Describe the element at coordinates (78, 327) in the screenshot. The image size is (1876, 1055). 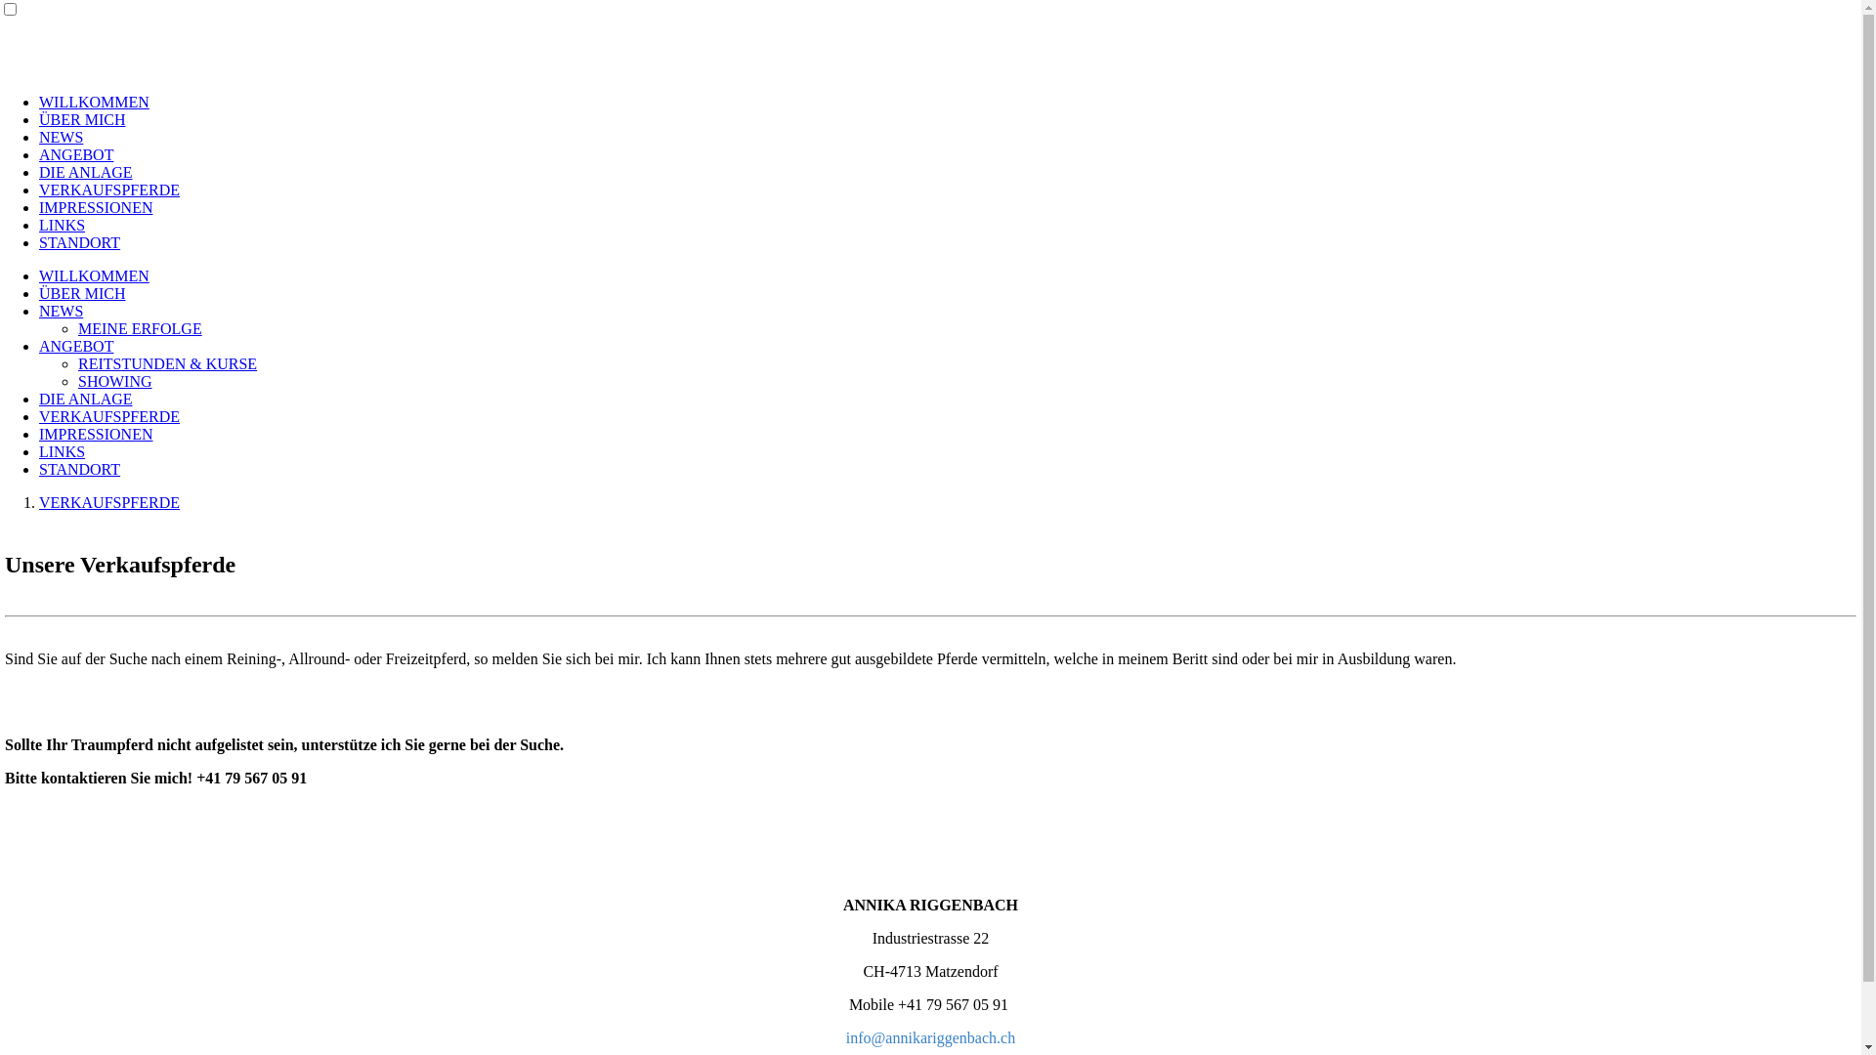
I see `'MEINE ERFOLGE'` at that location.